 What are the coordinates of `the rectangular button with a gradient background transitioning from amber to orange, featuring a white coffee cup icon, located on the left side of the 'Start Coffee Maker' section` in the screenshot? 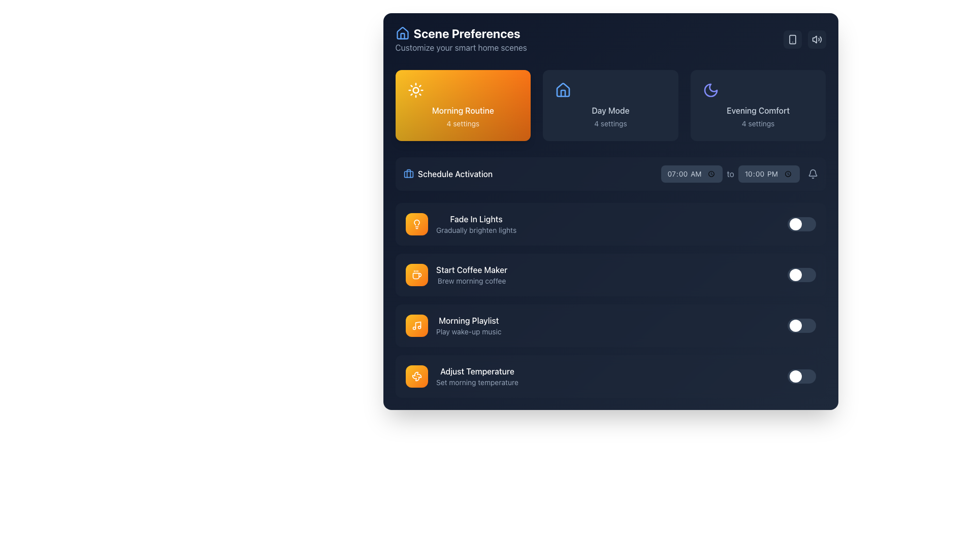 It's located at (416, 275).